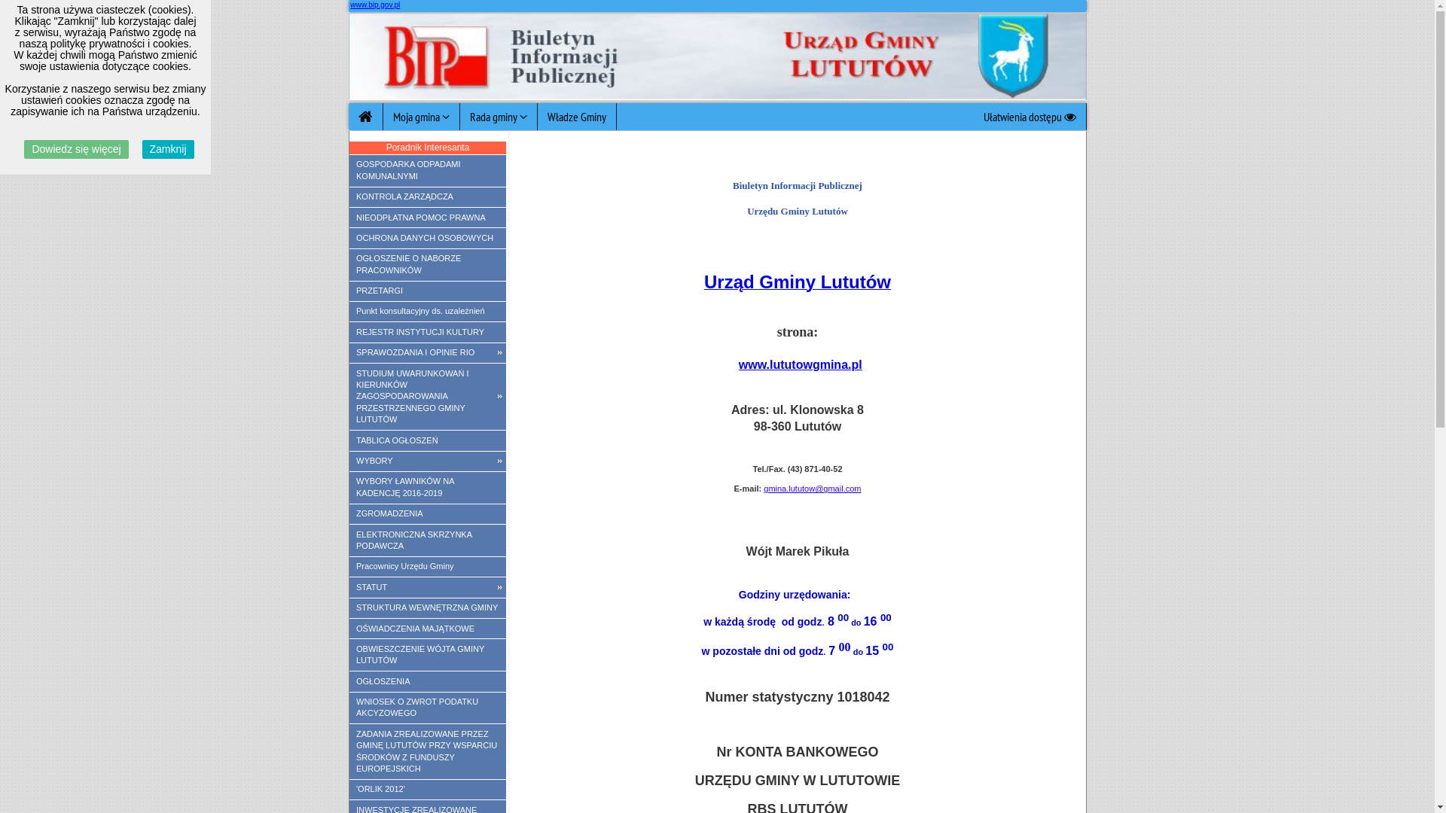 The width and height of the screenshot is (1446, 813). Describe the element at coordinates (426, 330) in the screenshot. I see `'REJESTR INSTYTUCJI KULTURY'` at that location.